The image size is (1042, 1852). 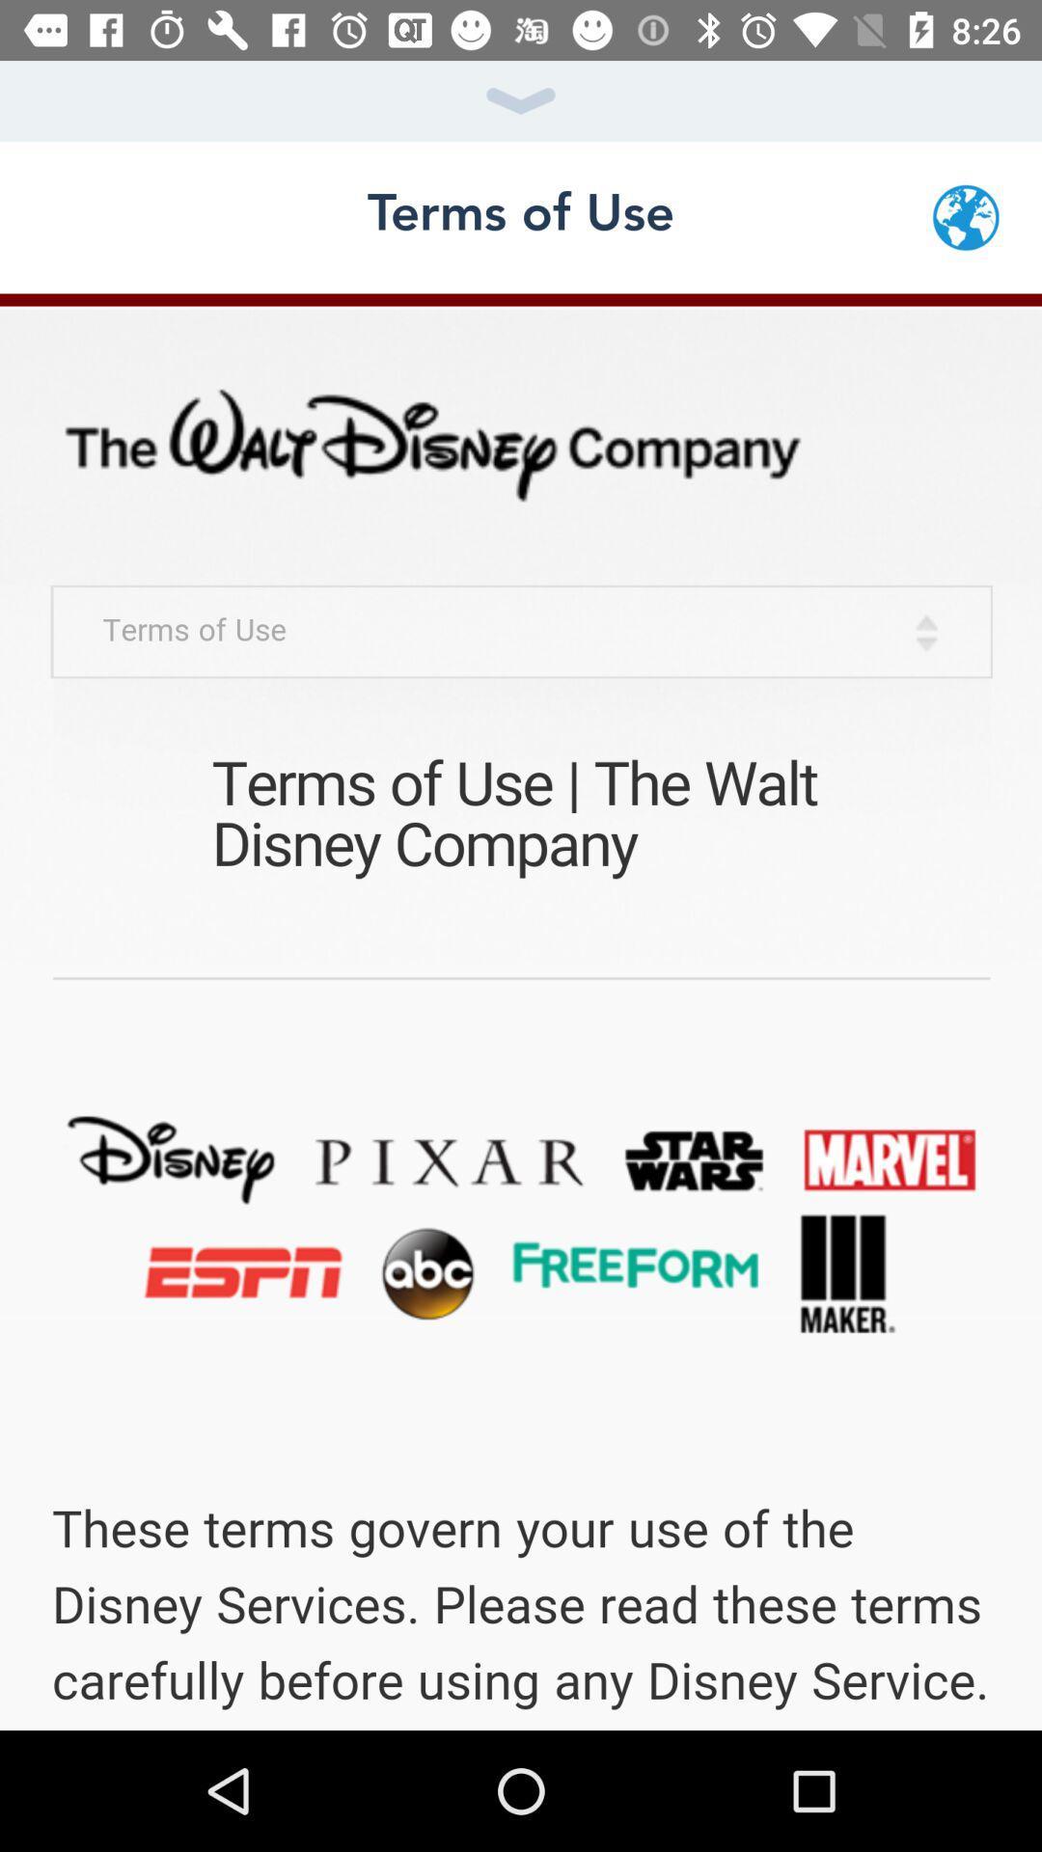 I want to click on terms of use page, so click(x=521, y=1011).